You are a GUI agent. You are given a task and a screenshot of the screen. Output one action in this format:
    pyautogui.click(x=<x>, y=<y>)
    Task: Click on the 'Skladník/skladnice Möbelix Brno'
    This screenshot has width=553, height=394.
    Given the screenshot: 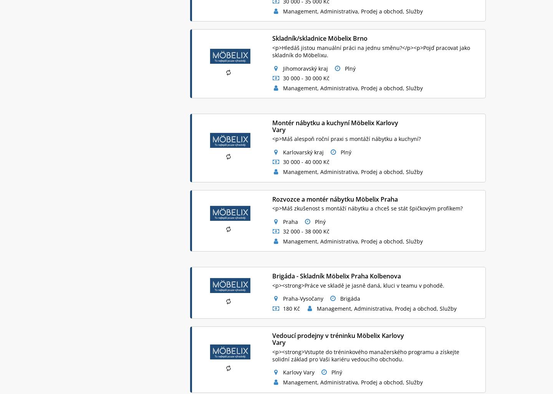 What is the action you would take?
    pyautogui.click(x=272, y=38)
    